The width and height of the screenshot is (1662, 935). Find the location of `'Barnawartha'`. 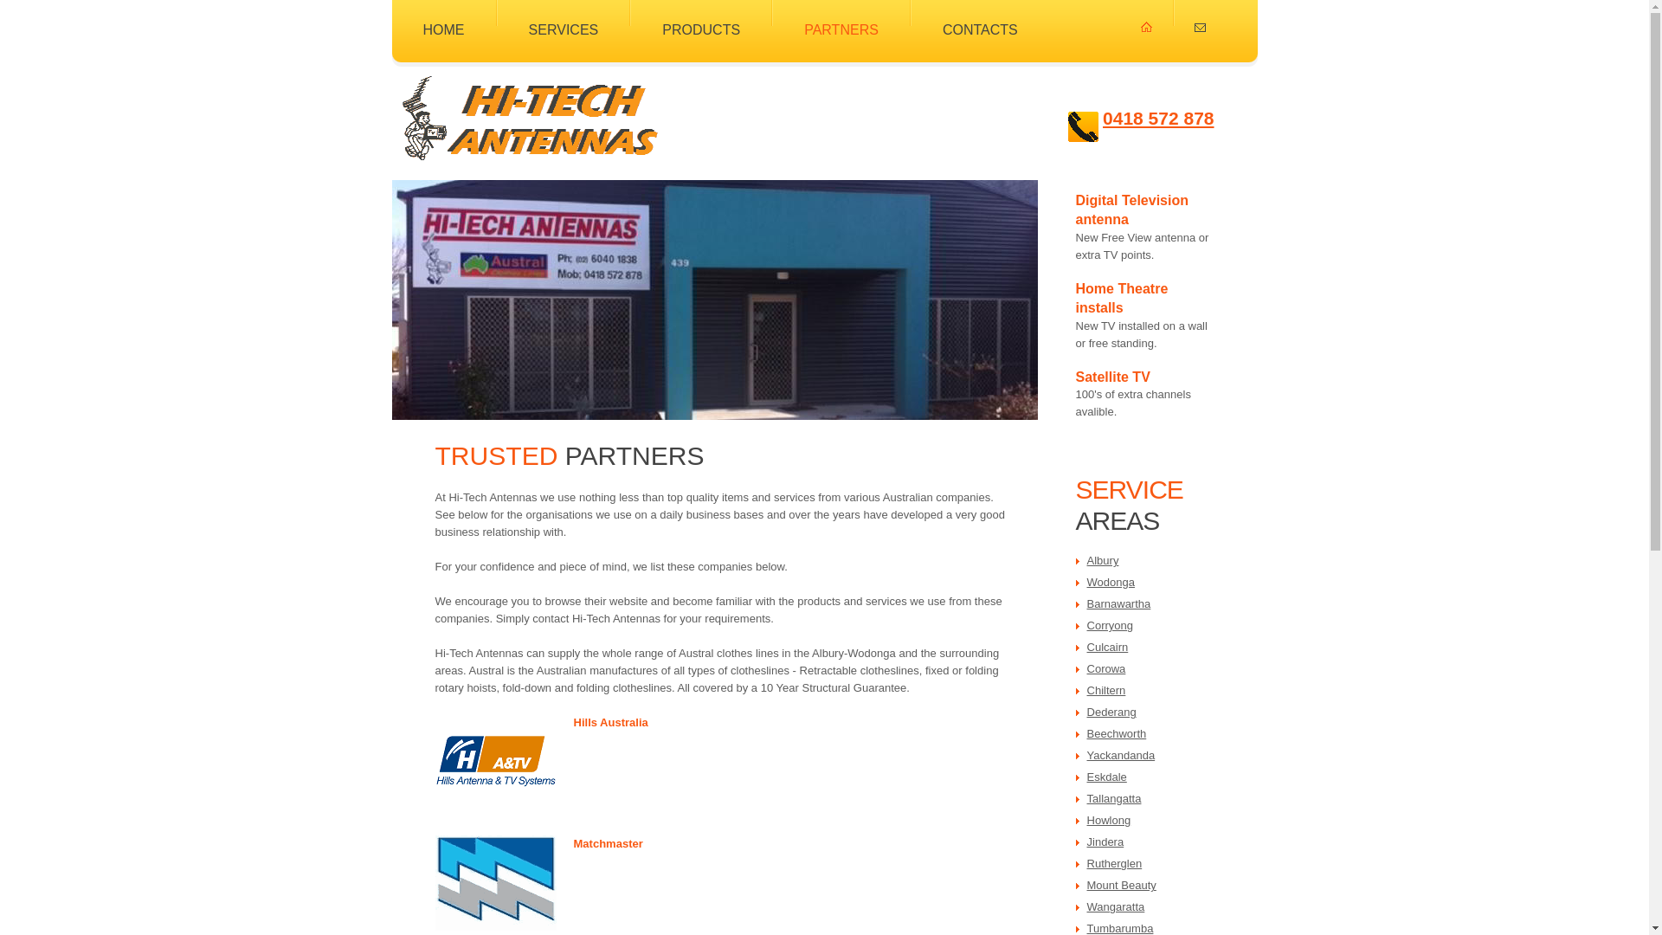

'Barnawartha' is located at coordinates (1118, 603).